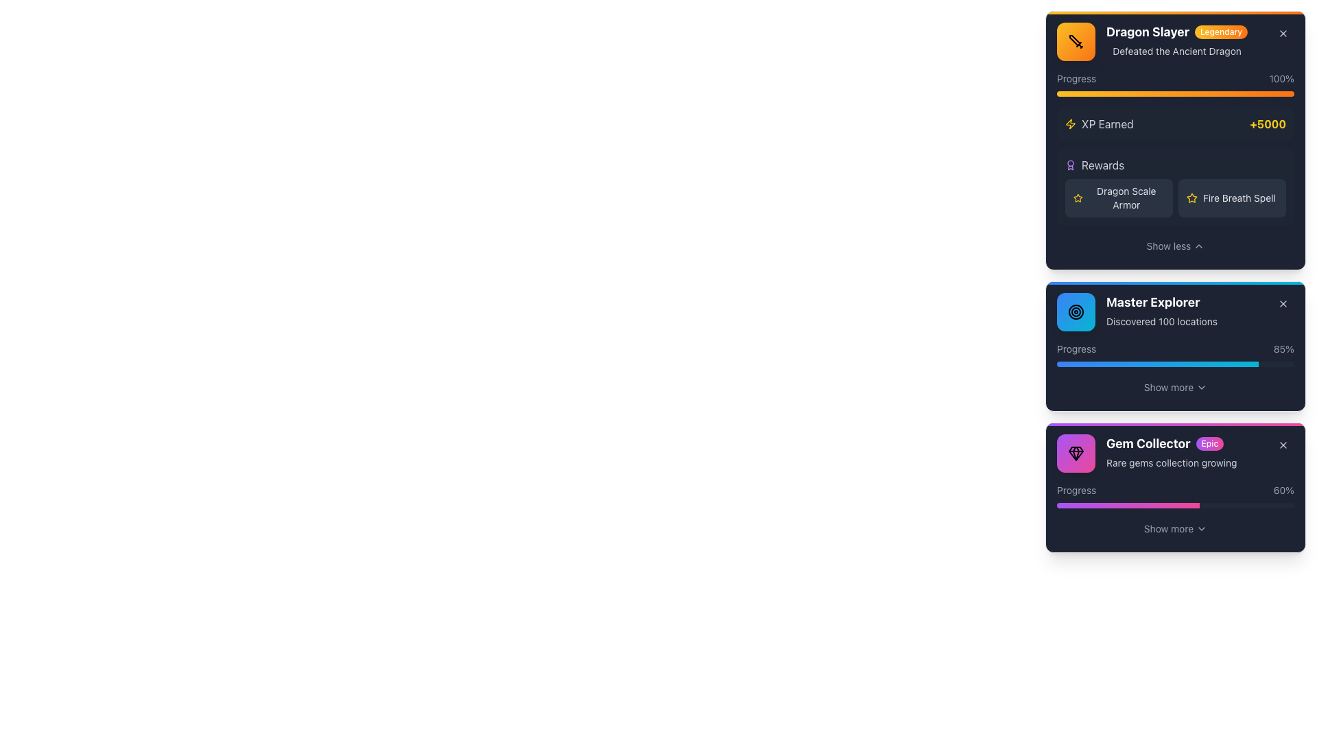 This screenshot has width=1317, height=741. Describe the element at coordinates (1283, 445) in the screenshot. I see `the 'X' icon button in the top-right corner of the 'Gem Collector' section` at that location.